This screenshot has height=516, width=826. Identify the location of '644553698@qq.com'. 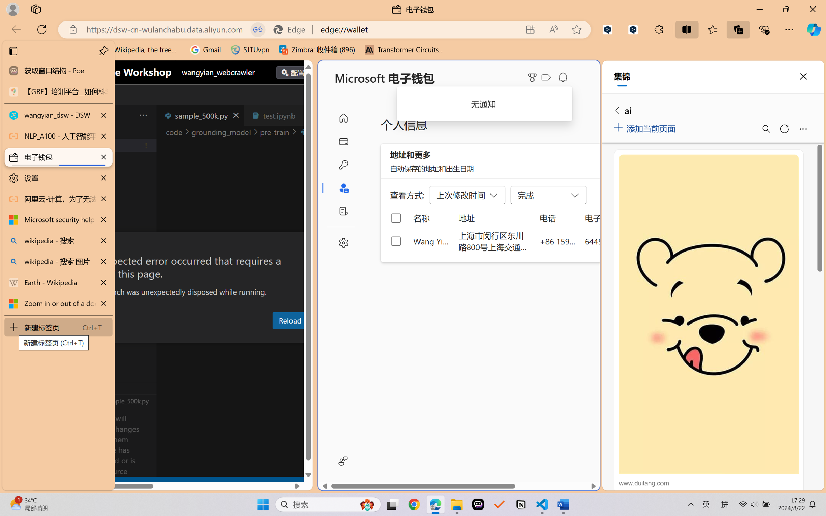
(621, 241).